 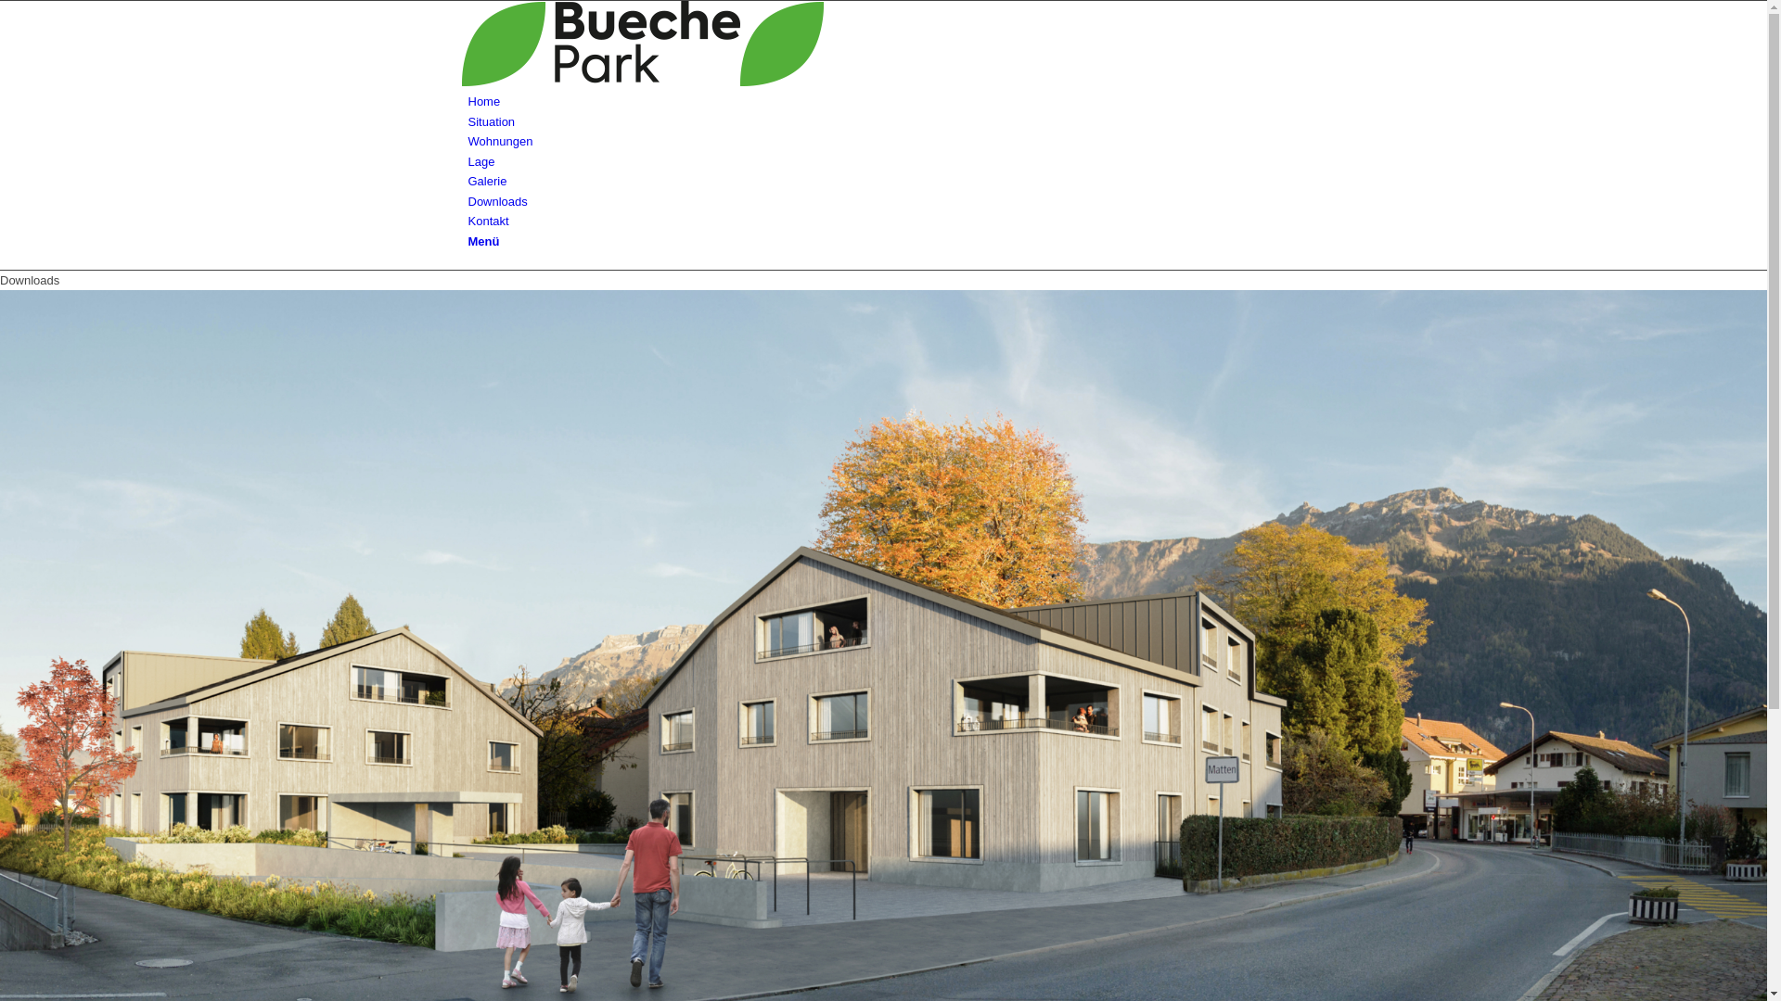 What do you see at coordinates (878, 42) in the screenshot?
I see `'Buechepark Logo 300x92px white'` at bounding box center [878, 42].